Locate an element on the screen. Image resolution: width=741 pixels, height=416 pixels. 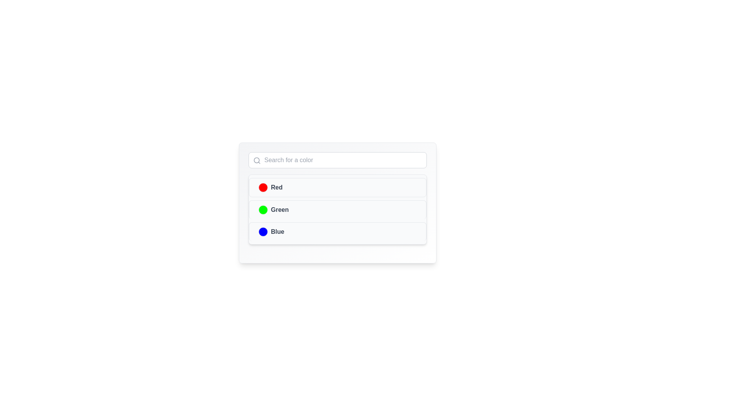
the blue color indicator located to the left of the 'Blue' label to associate it with the adjacent text is located at coordinates (263, 231).